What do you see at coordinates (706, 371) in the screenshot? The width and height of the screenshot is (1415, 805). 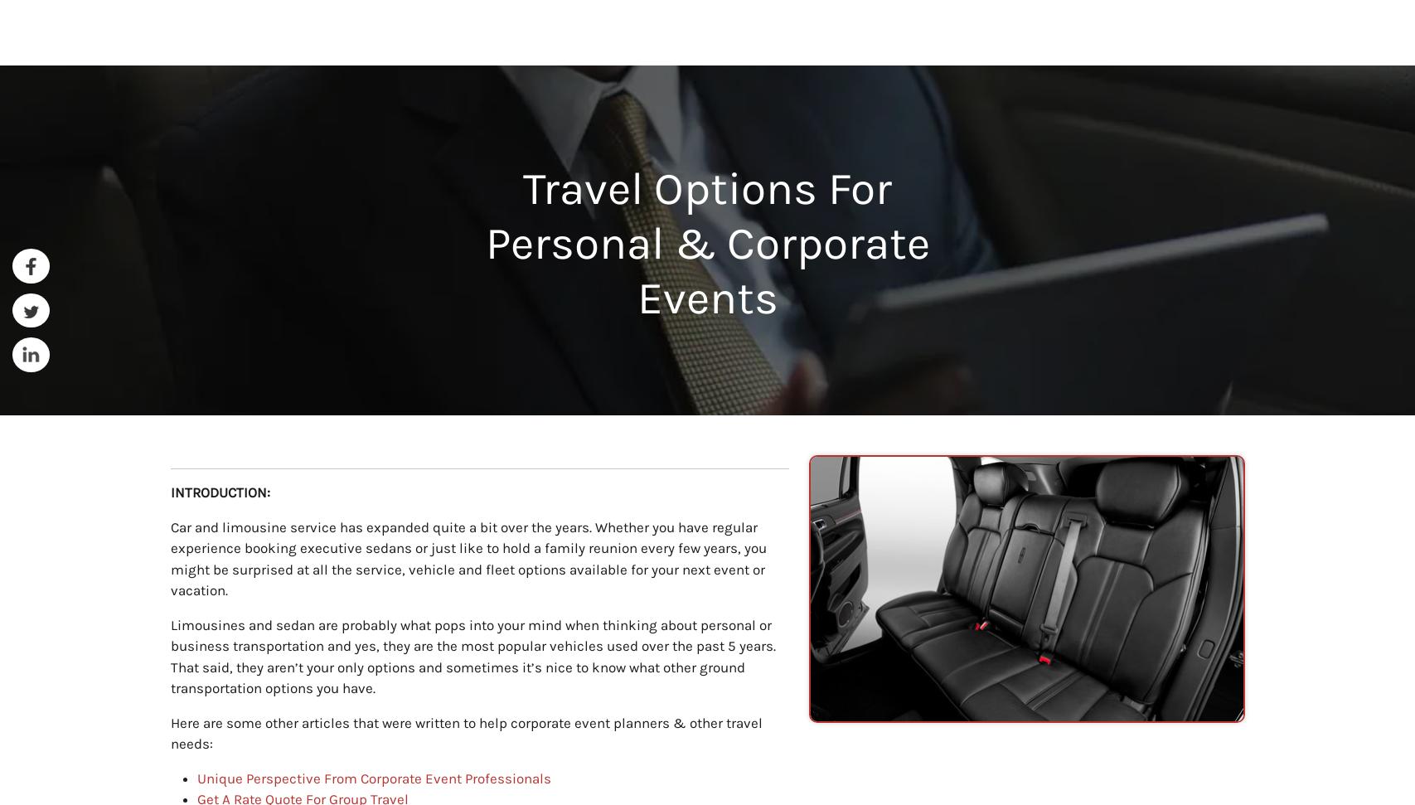 I see `'Clients Testimonials'` at bounding box center [706, 371].